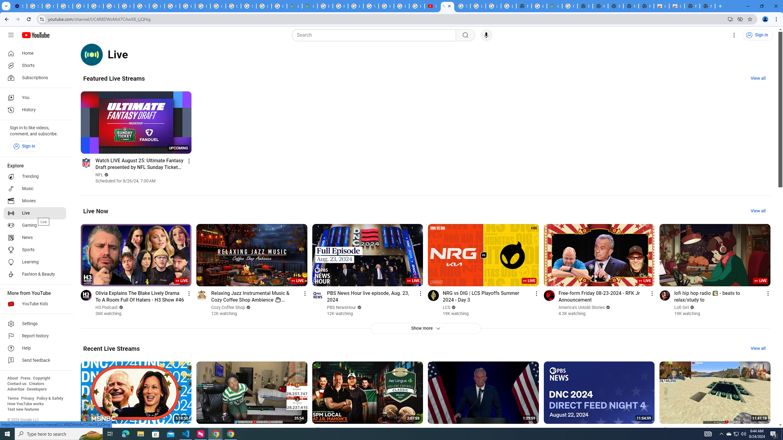 Image resolution: width=783 pixels, height=440 pixels. Describe the element at coordinates (111, 348) in the screenshot. I see `'Recent Live Streams'` at that location.